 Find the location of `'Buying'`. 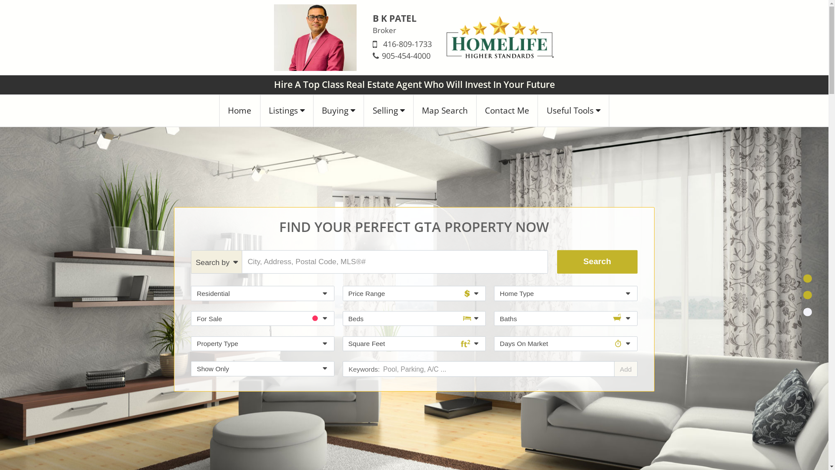

'Buying' is located at coordinates (313, 110).